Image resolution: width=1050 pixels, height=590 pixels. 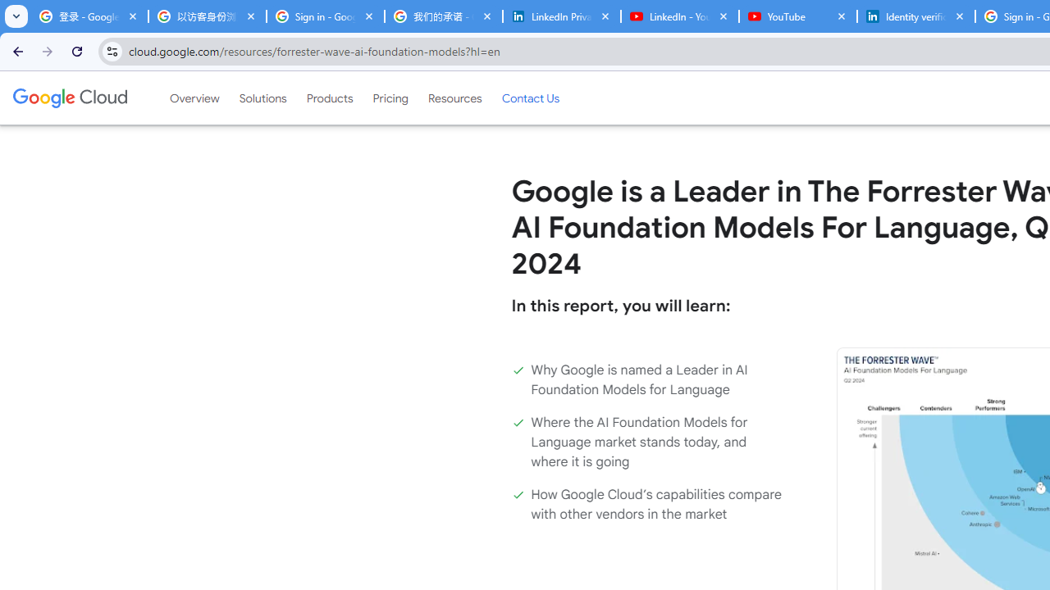 I want to click on 'Resources', so click(x=454, y=98).